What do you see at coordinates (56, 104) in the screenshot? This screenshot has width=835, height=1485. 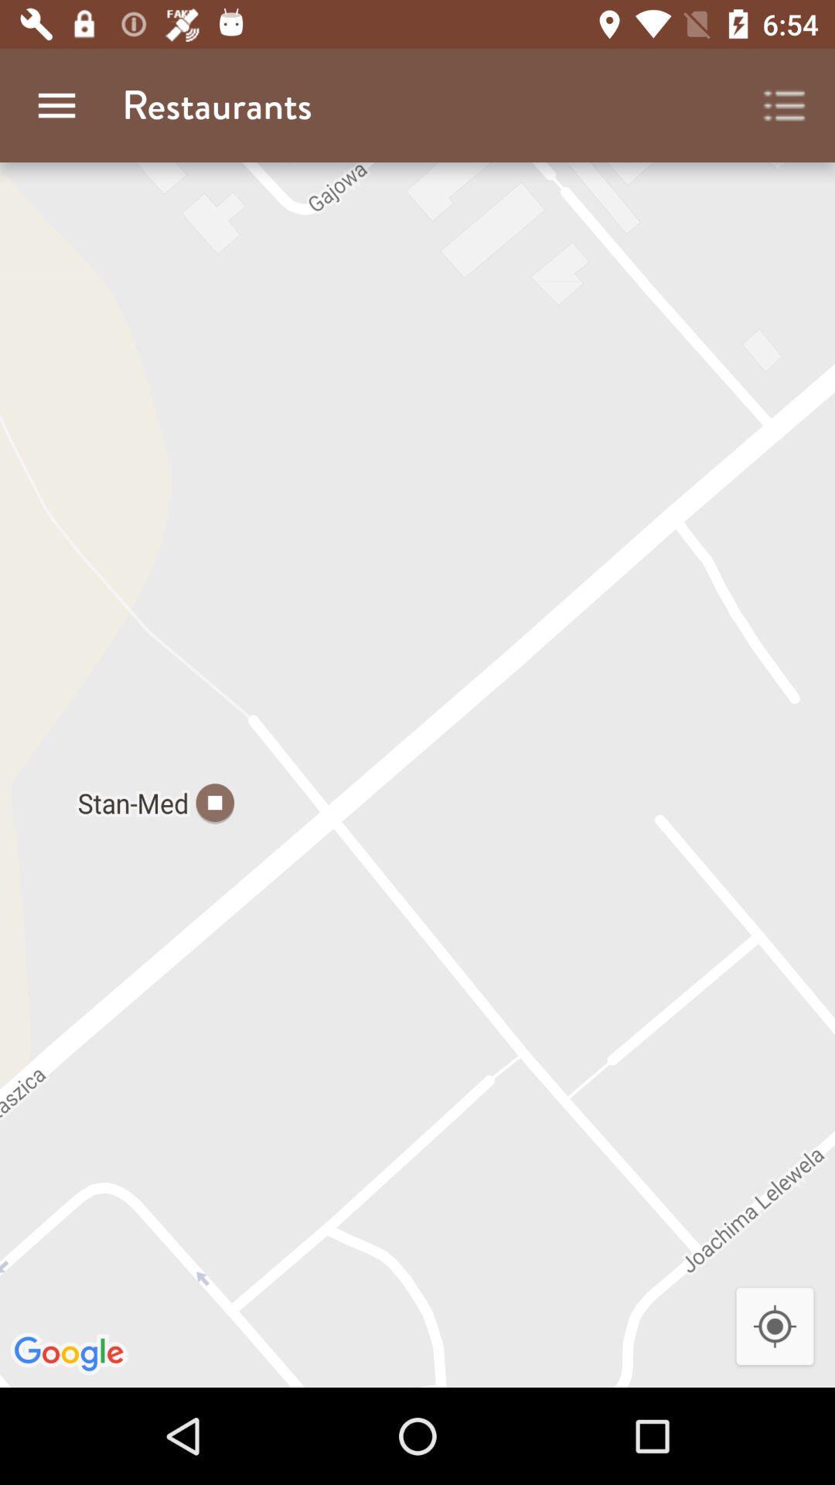 I see `app next to the restaurants` at bounding box center [56, 104].